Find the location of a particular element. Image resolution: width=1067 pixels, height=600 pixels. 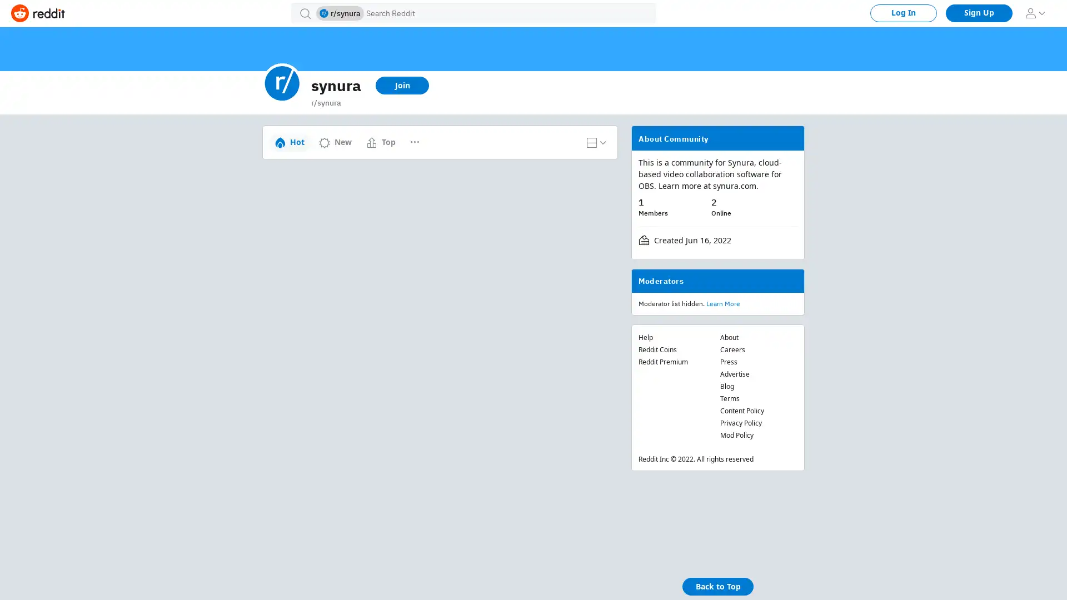

Sign Up is located at coordinates (979, 13).